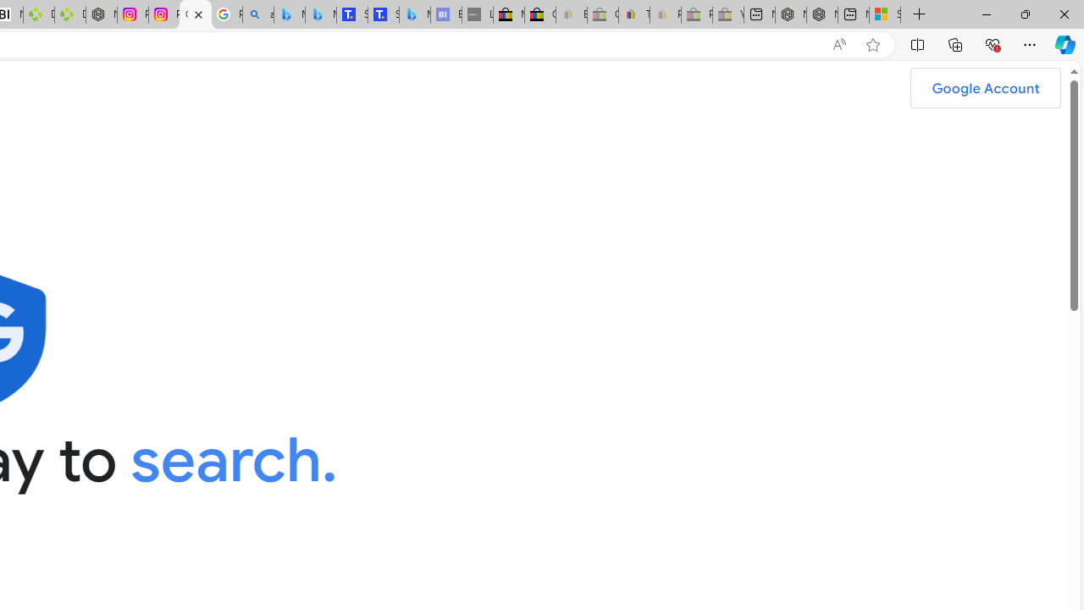 The height and width of the screenshot is (610, 1084). Describe the element at coordinates (383, 14) in the screenshot. I see `'Shangri-La Bangkok, Hotel reviews and Room rates'` at that location.